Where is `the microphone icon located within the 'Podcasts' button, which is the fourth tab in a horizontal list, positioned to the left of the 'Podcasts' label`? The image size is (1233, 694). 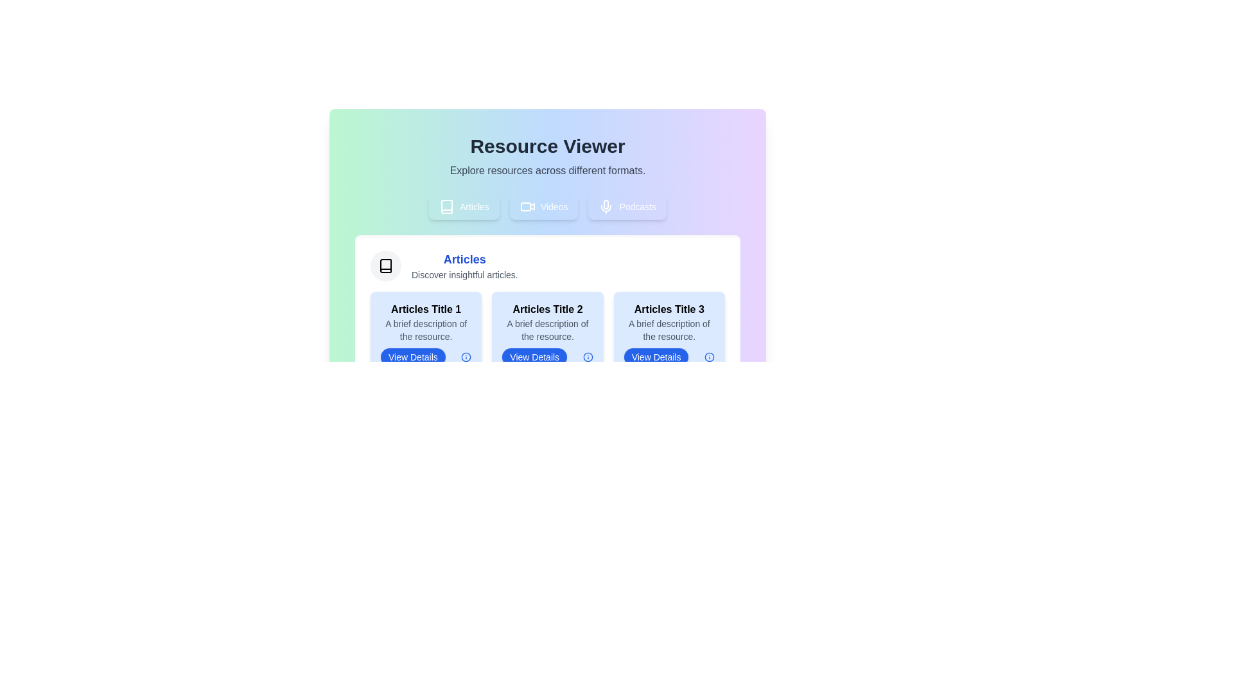 the microphone icon located within the 'Podcasts' button, which is the fourth tab in a horizontal list, positioned to the left of the 'Podcasts' label is located at coordinates (606, 206).